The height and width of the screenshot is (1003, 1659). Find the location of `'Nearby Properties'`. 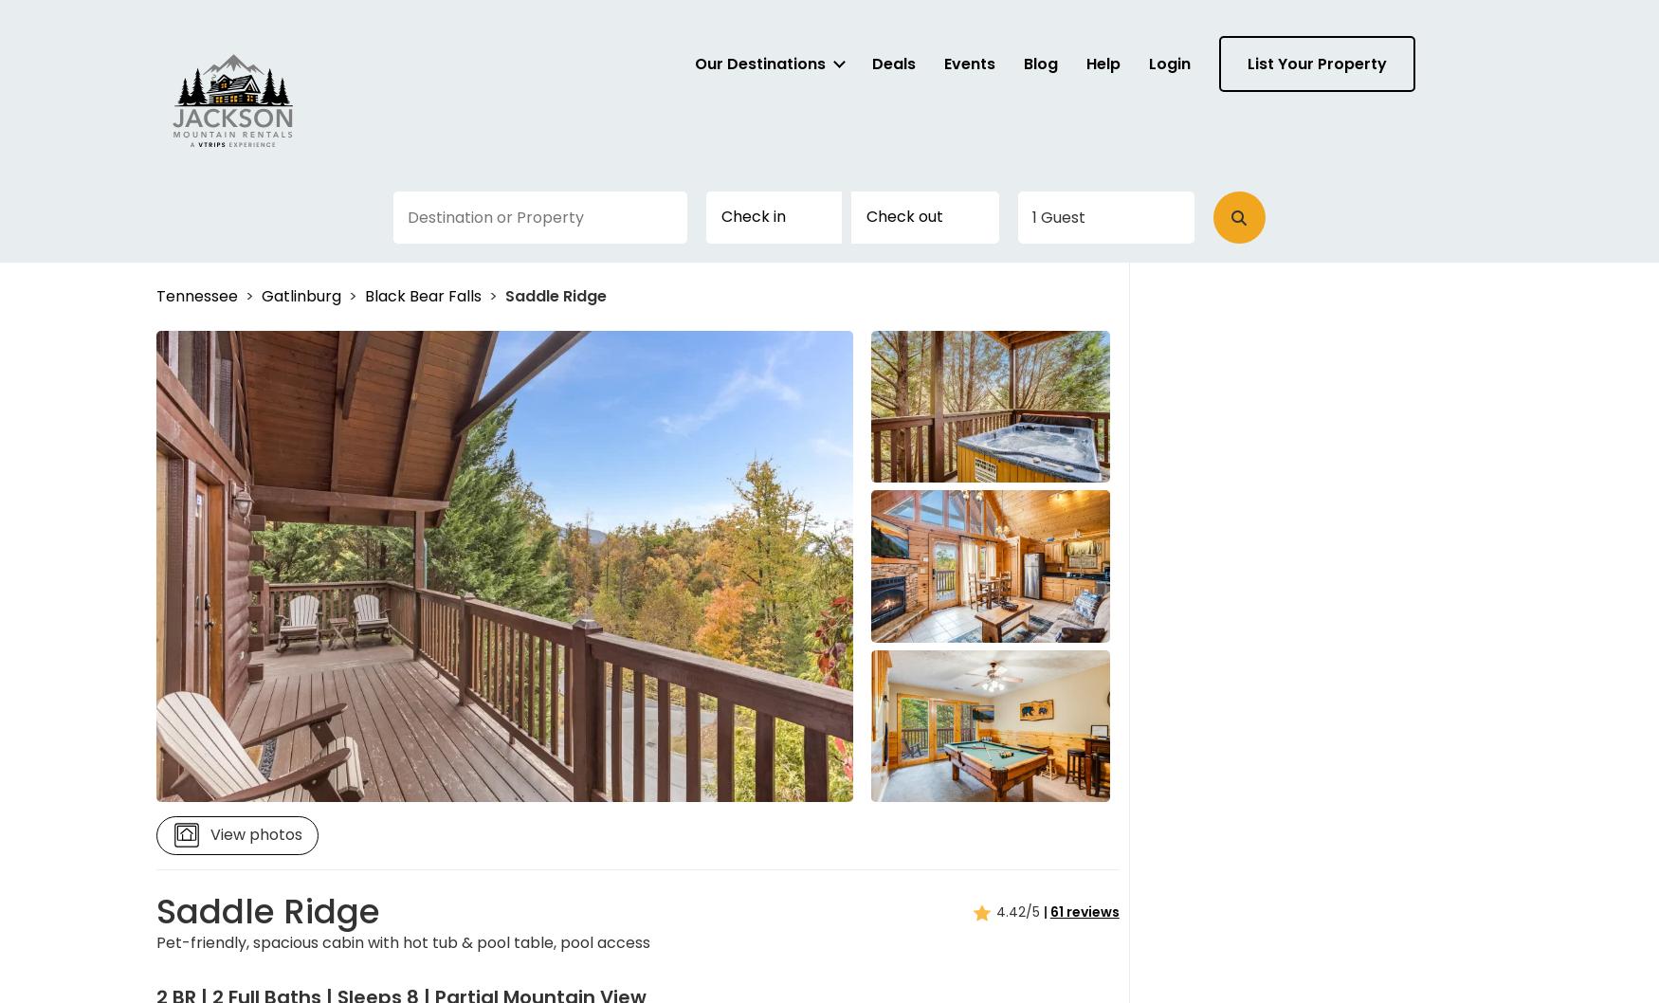

'Nearby Properties' is located at coordinates (310, 962).